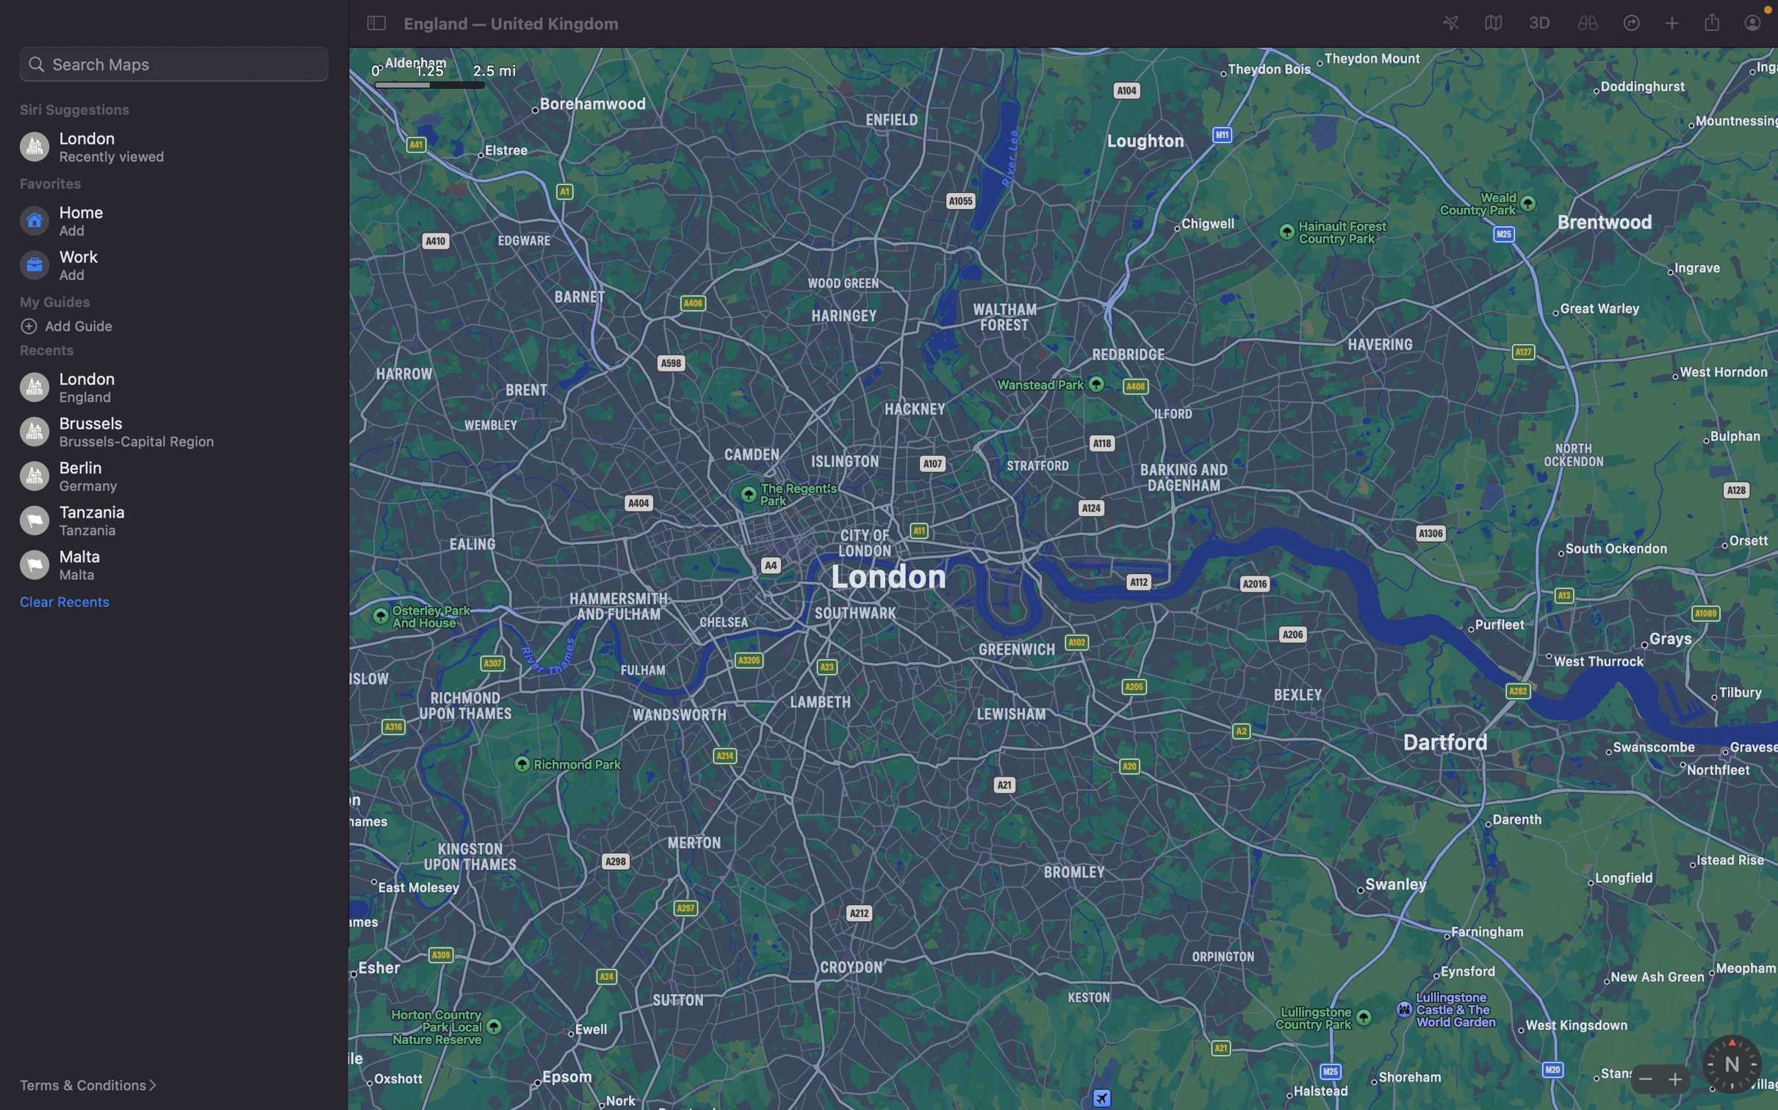 This screenshot has width=1778, height=1110. I want to click on Incorporate a fresh sightseeing guide, so click(179, 325).